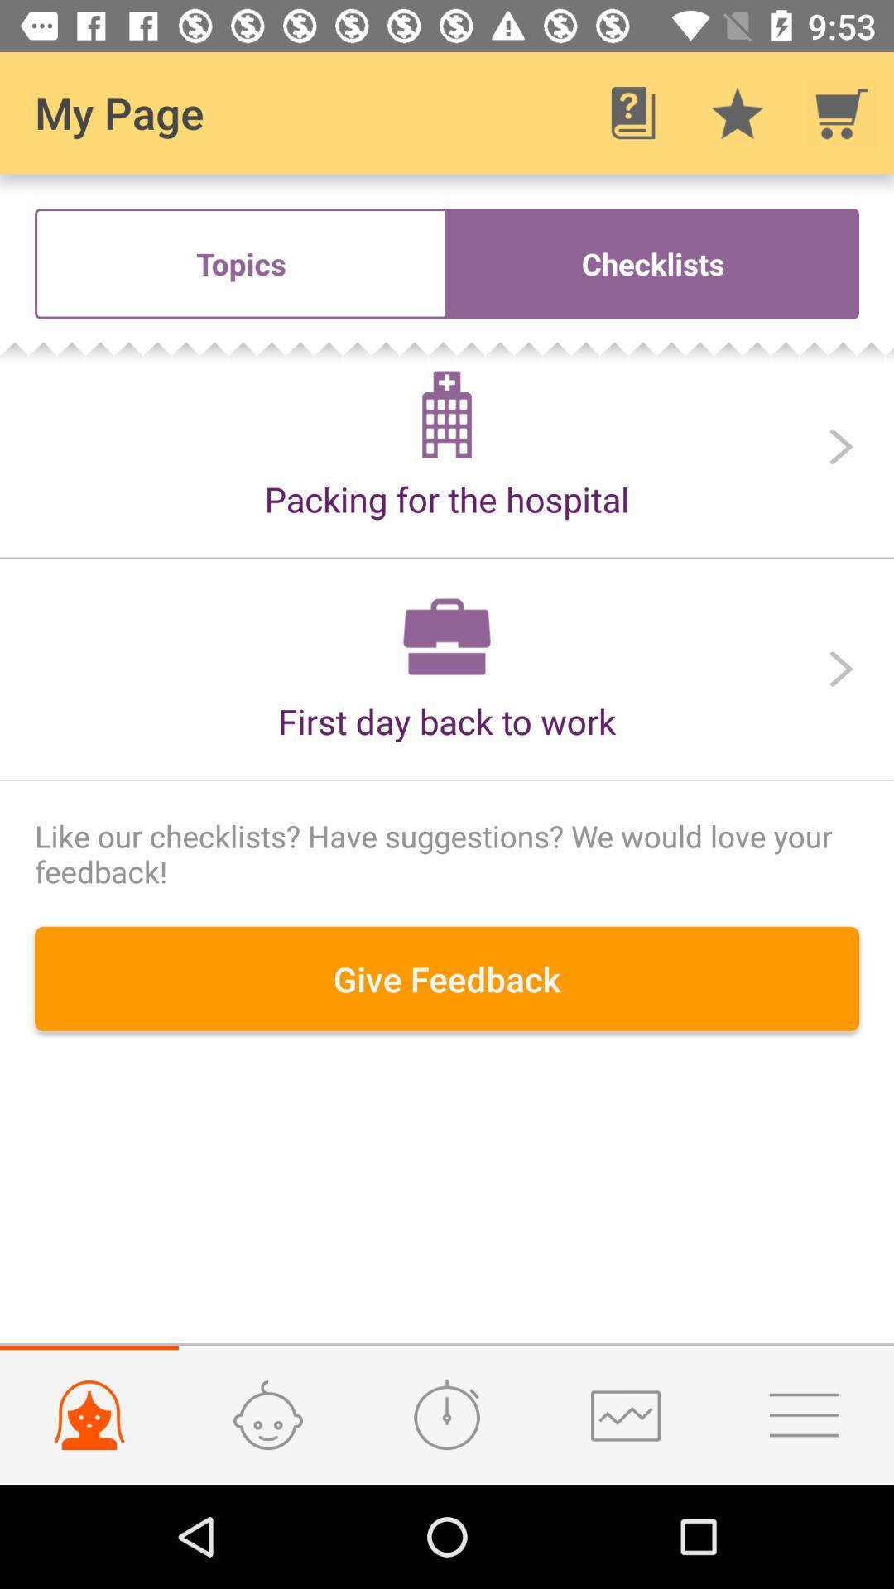 The width and height of the screenshot is (894, 1589). What do you see at coordinates (632, 112) in the screenshot?
I see `item to the right of the my page icon` at bounding box center [632, 112].